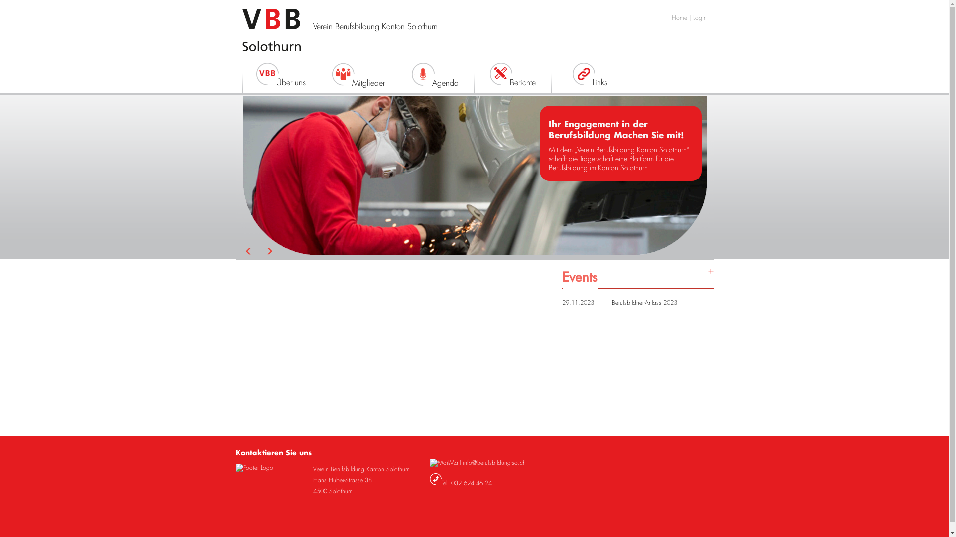 This screenshot has width=956, height=537. What do you see at coordinates (583, 73) in the screenshot?
I see `'Links'` at bounding box center [583, 73].